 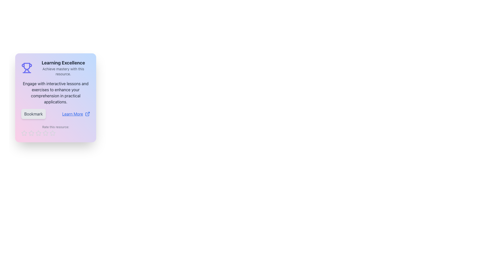 I want to click on the trophy-like icon component colored in vibrant purple located in the top-left section of the 'Learning Excellence' card, so click(x=27, y=66).